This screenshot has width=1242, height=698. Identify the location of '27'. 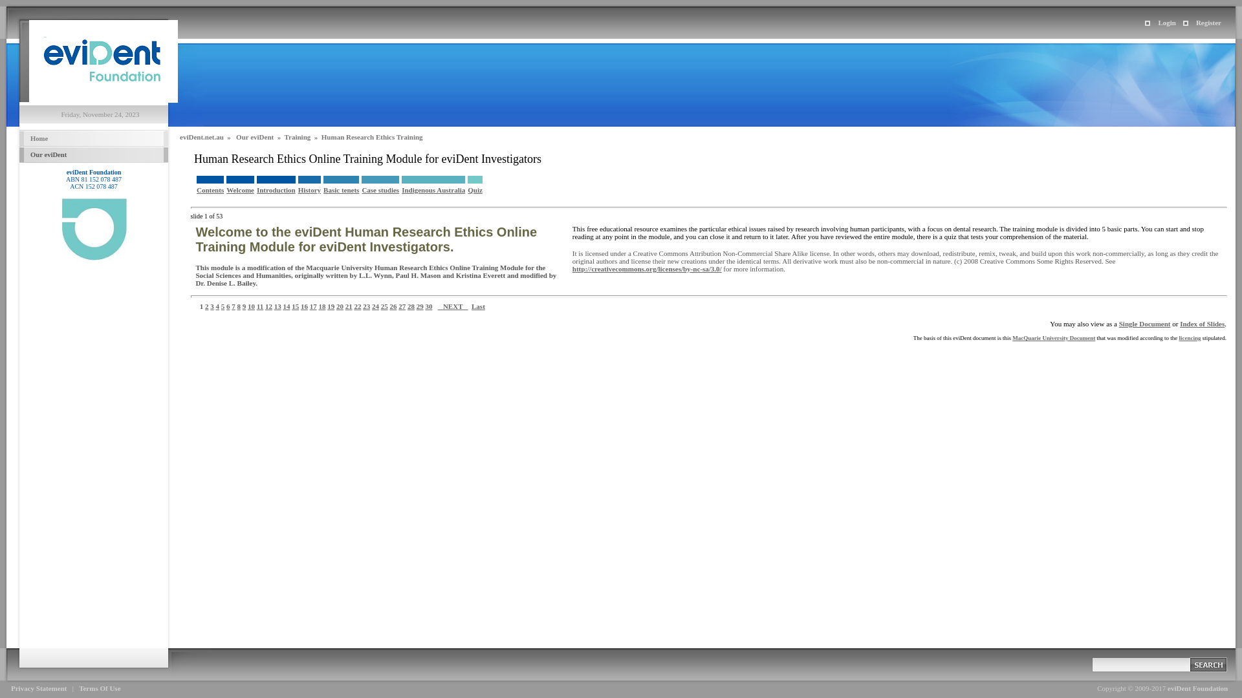
(401, 306).